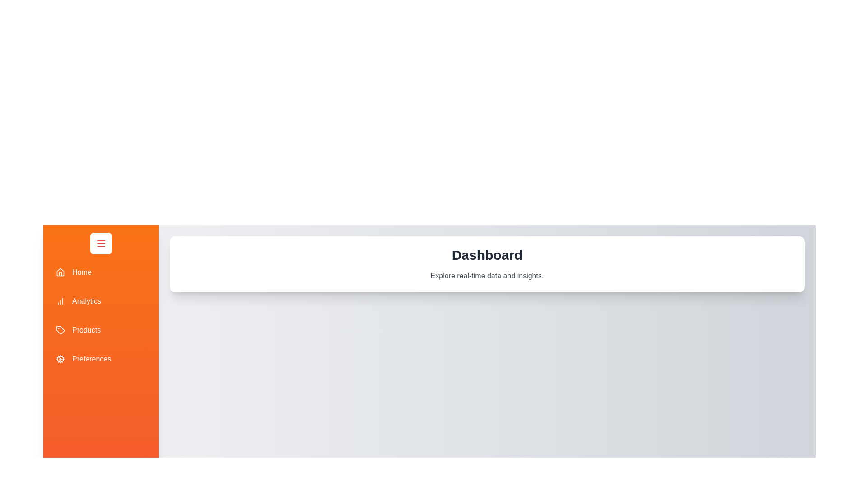 The height and width of the screenshot is (488, 867). Describe the element at coordinates (101, 243) in the screenshot. I see `the menu button to toggle the drawer open or close` at that location.